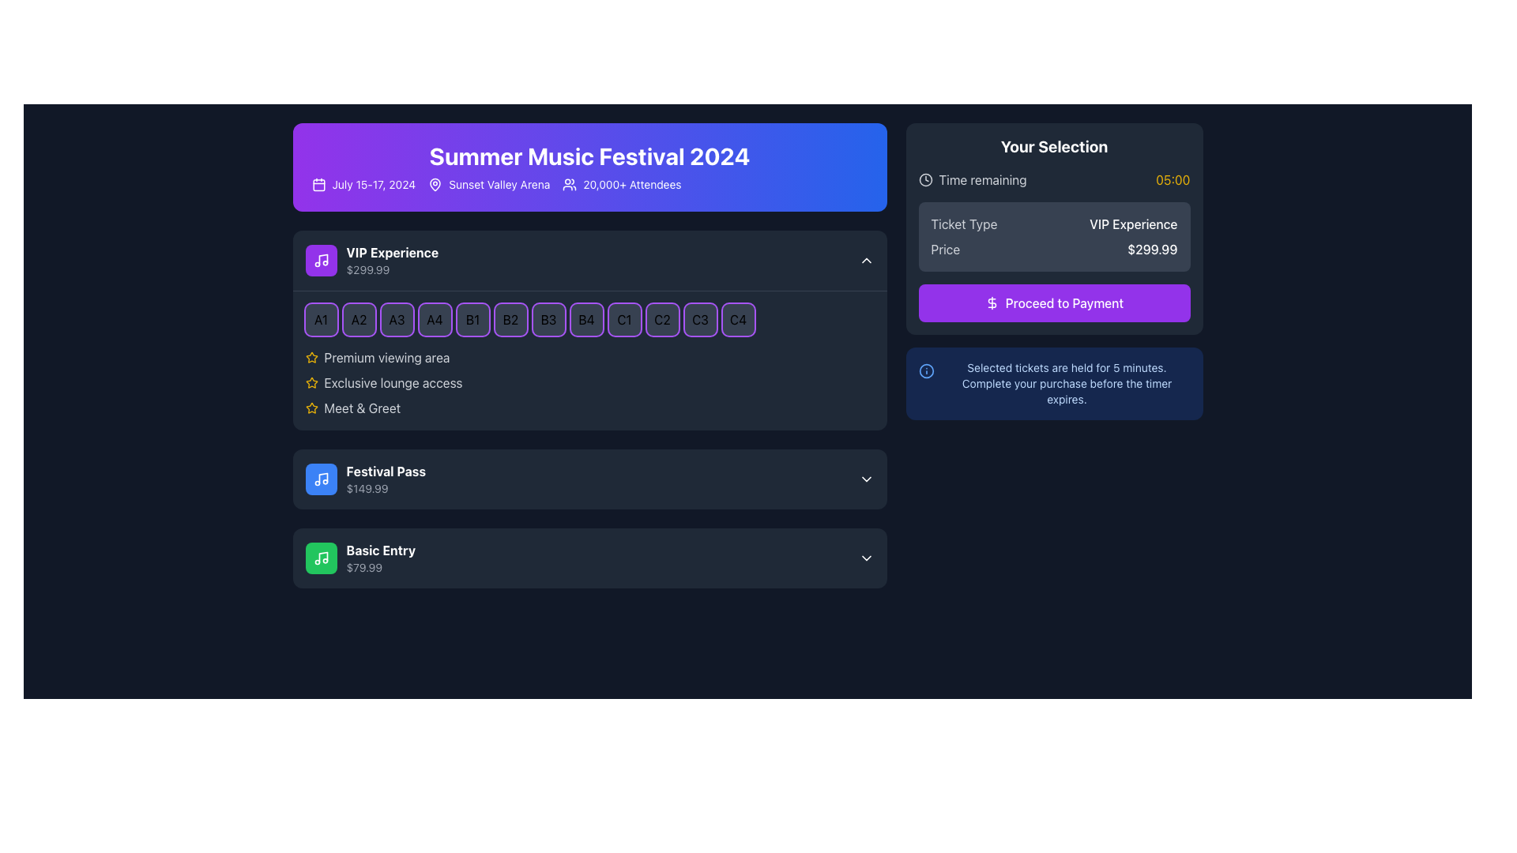 The width and height of the screenshot is (1517, 853). Describe the element at coordinates (699, 320) in the screenshot. I see `the 'C3' button in the 'VIP Experience' section` at that location.